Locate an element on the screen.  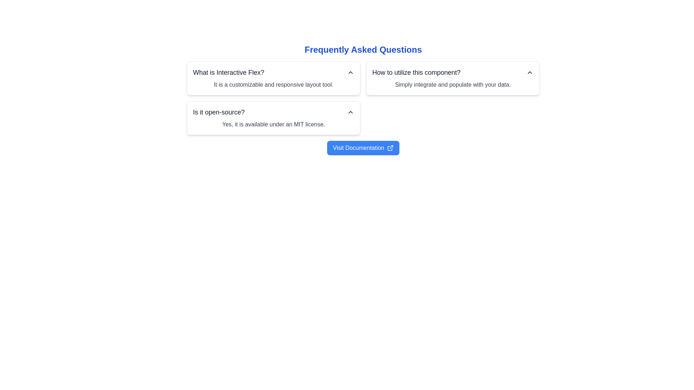
the text label that reads 'What is Interactive Flex?' located in the top-left section of the FAQ layout within the first card of the left column is located at coordinates (228, 72).